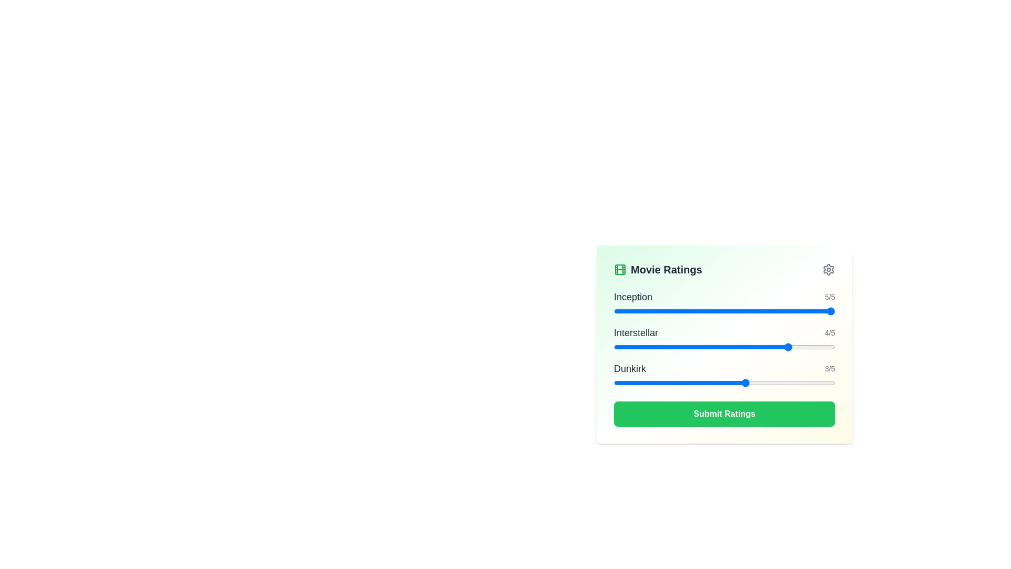  I want to click on the cogwheel icon located at the top-right corner of the 'Movie Ratings' panel, so click(828, 269).